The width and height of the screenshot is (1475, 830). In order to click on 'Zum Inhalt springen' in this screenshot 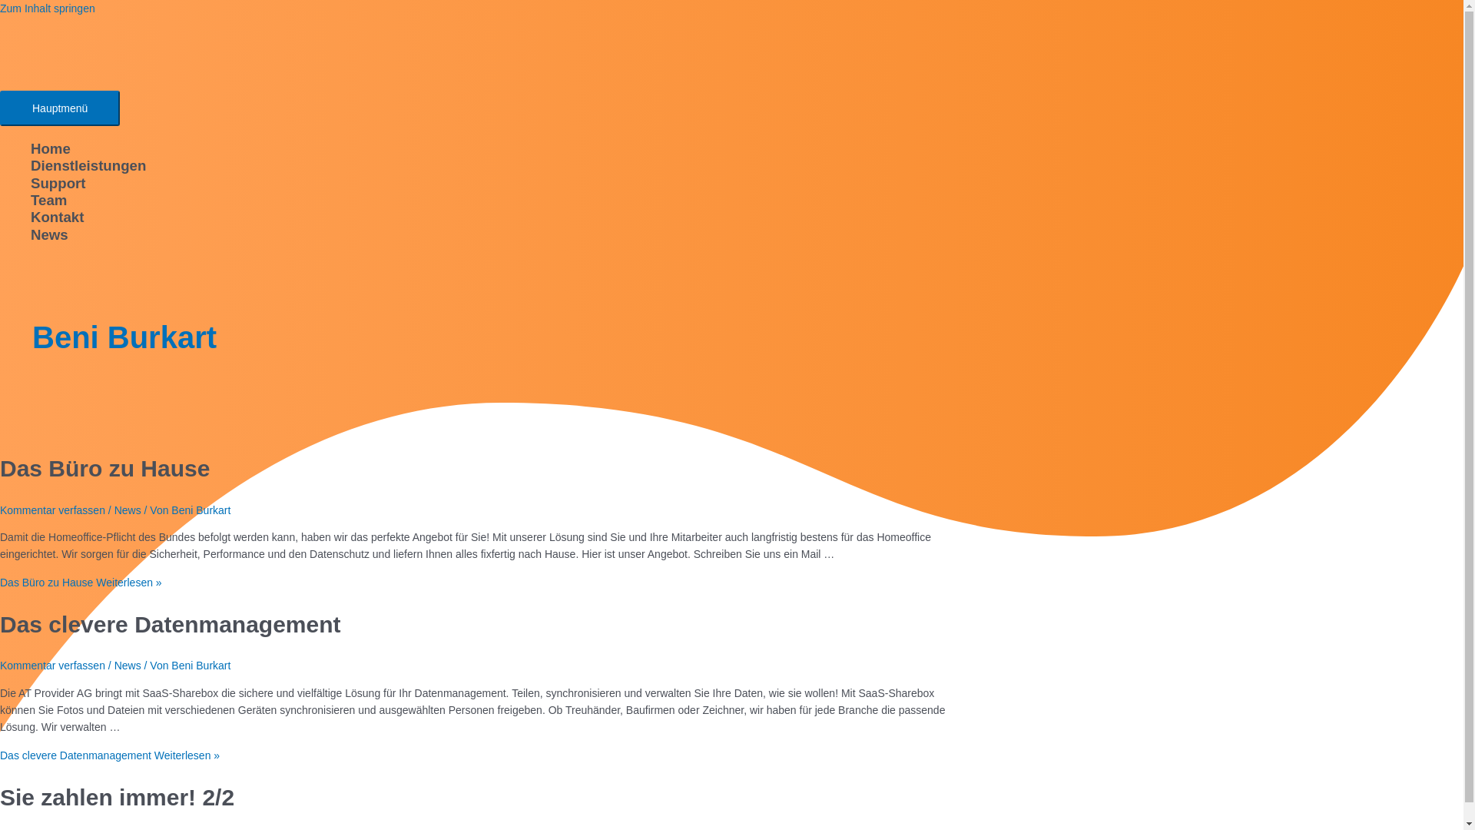, I will do `click(48, 8)`.